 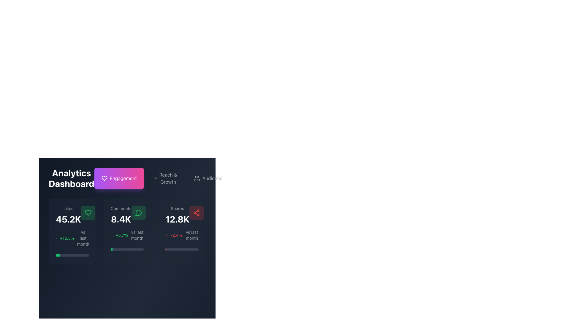 What do you see at coordinates (127, 235) in the screenshot?
I see `the statistical indicator showing '+5.7%' in bold green text with an upwards arrow, located in the 'Comments' section of the analytics dashboard for information retrieval` at bounding box center [127, 235].